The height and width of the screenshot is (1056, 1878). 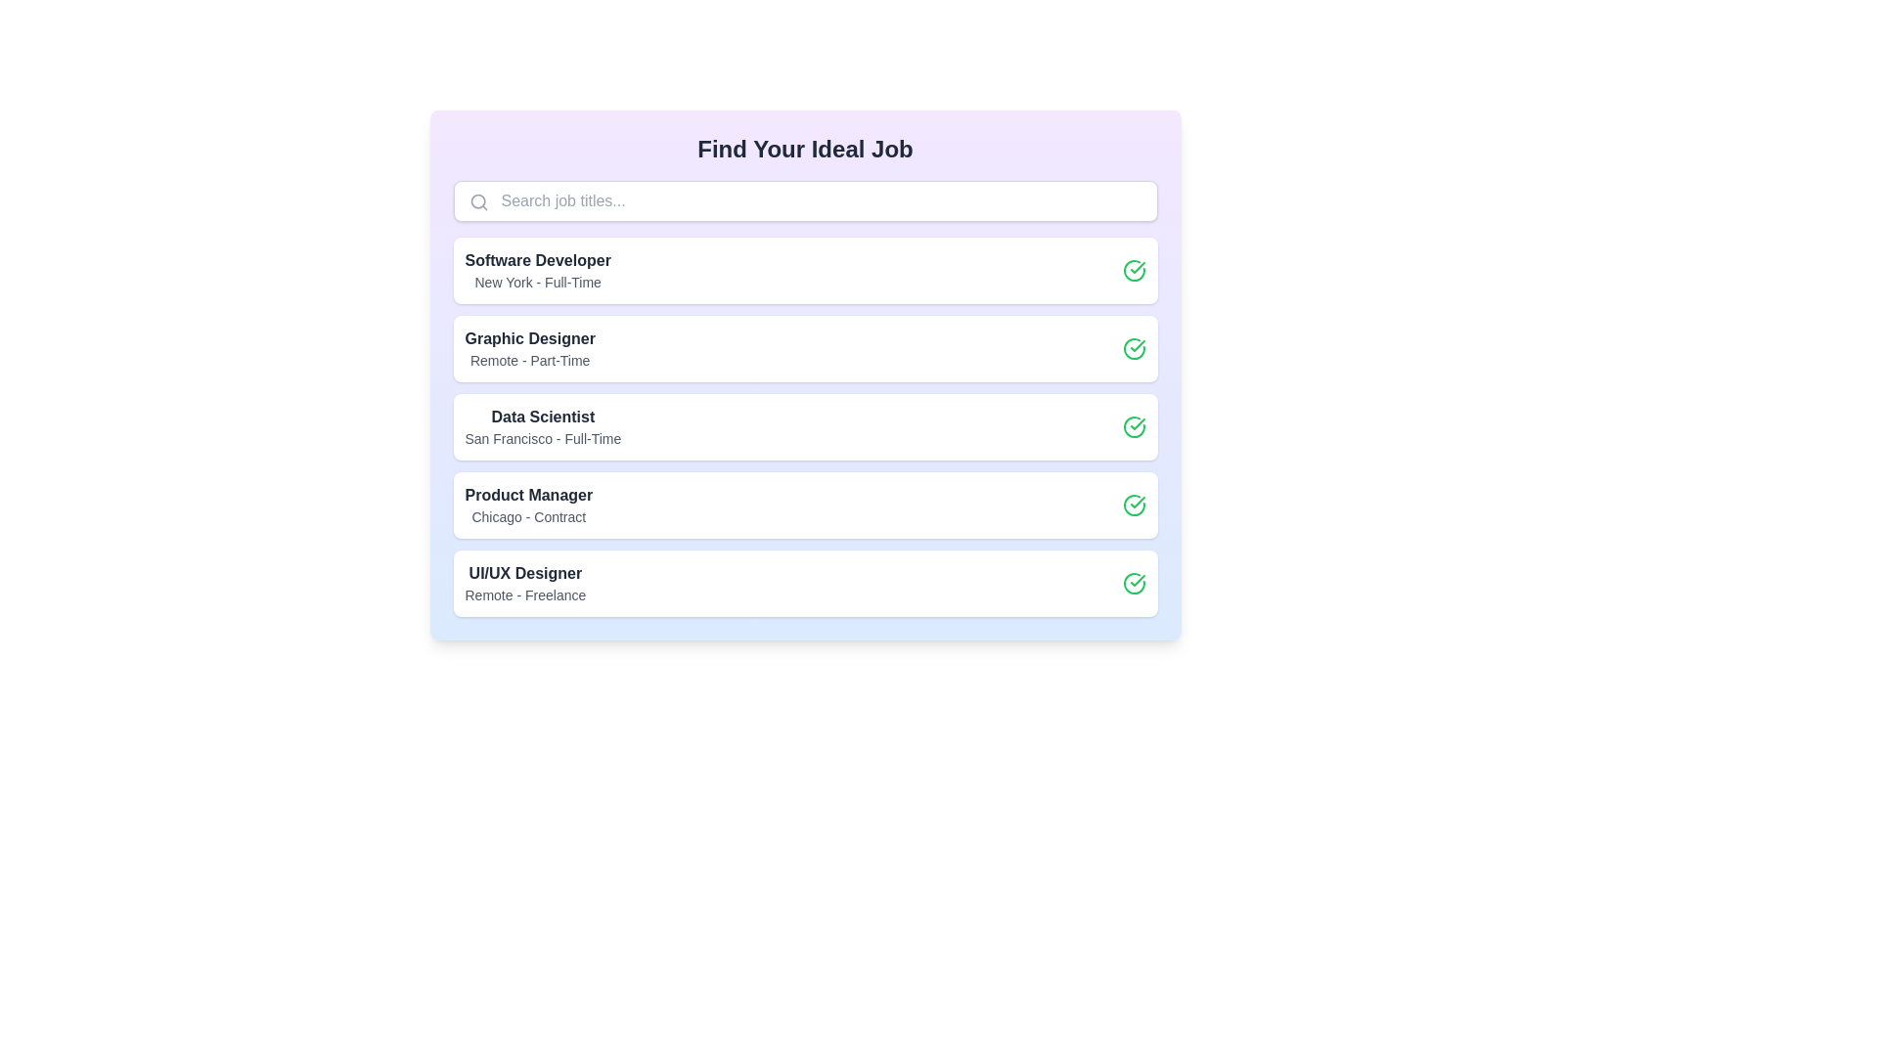 What do you see at coordinates (1134, 348) in the screenshot?
I see `the circular-shaped icon with a green border and checkmark inside, positioned to the right of the 'Graphic Designer - Remote - Part-Time' list item` at bounding box center [1134, 348].